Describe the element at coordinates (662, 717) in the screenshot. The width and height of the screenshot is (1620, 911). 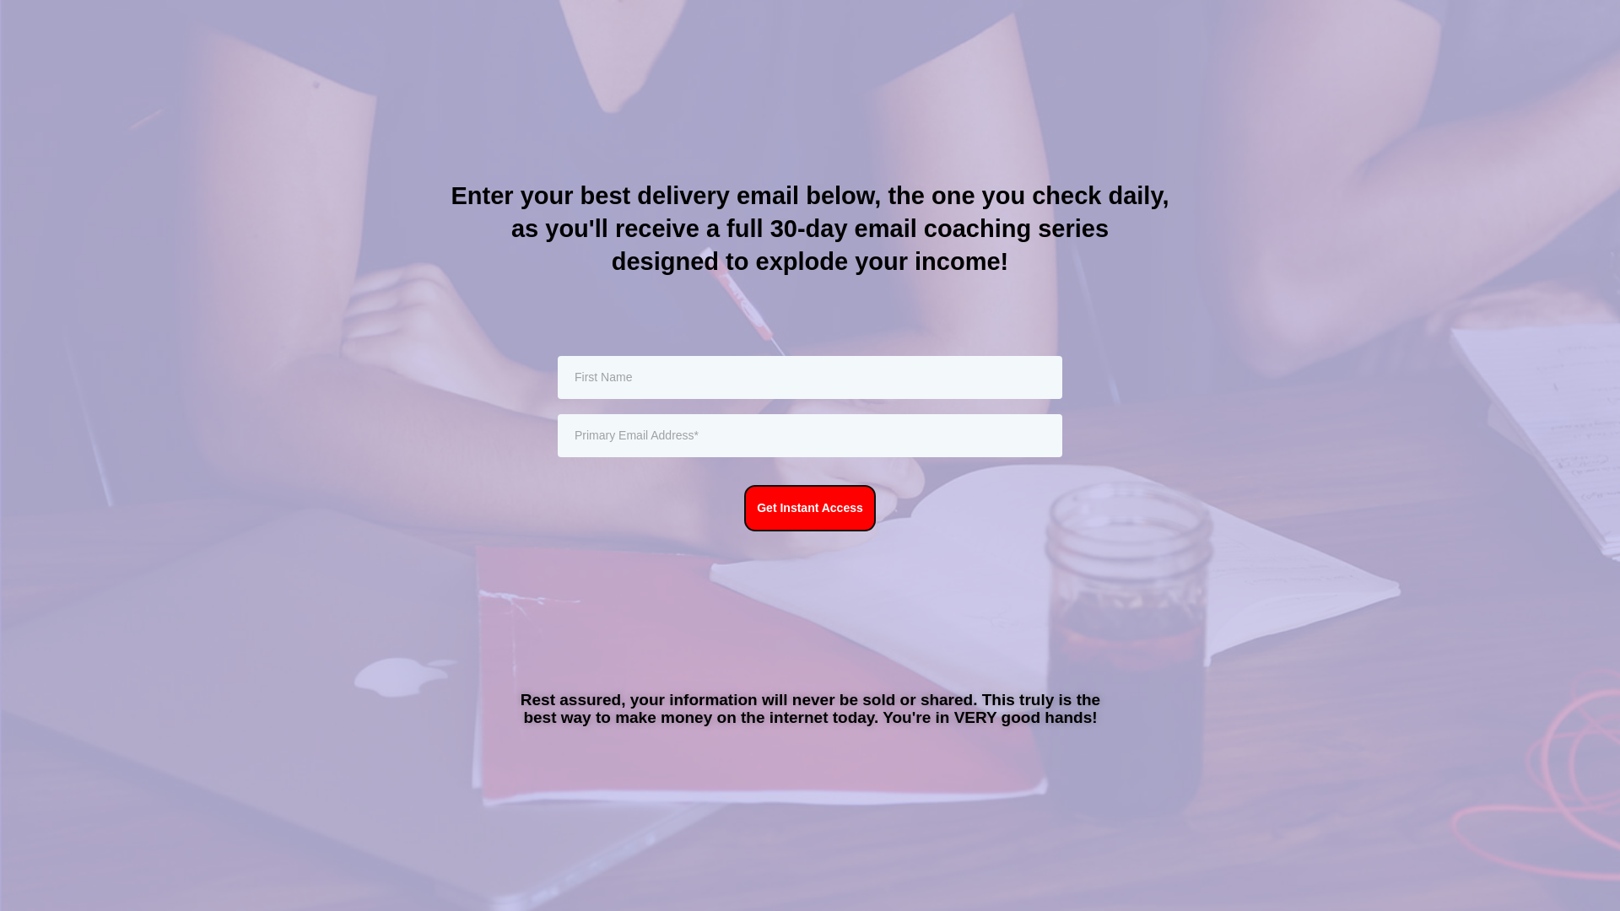
I see `'make money'` at that location.